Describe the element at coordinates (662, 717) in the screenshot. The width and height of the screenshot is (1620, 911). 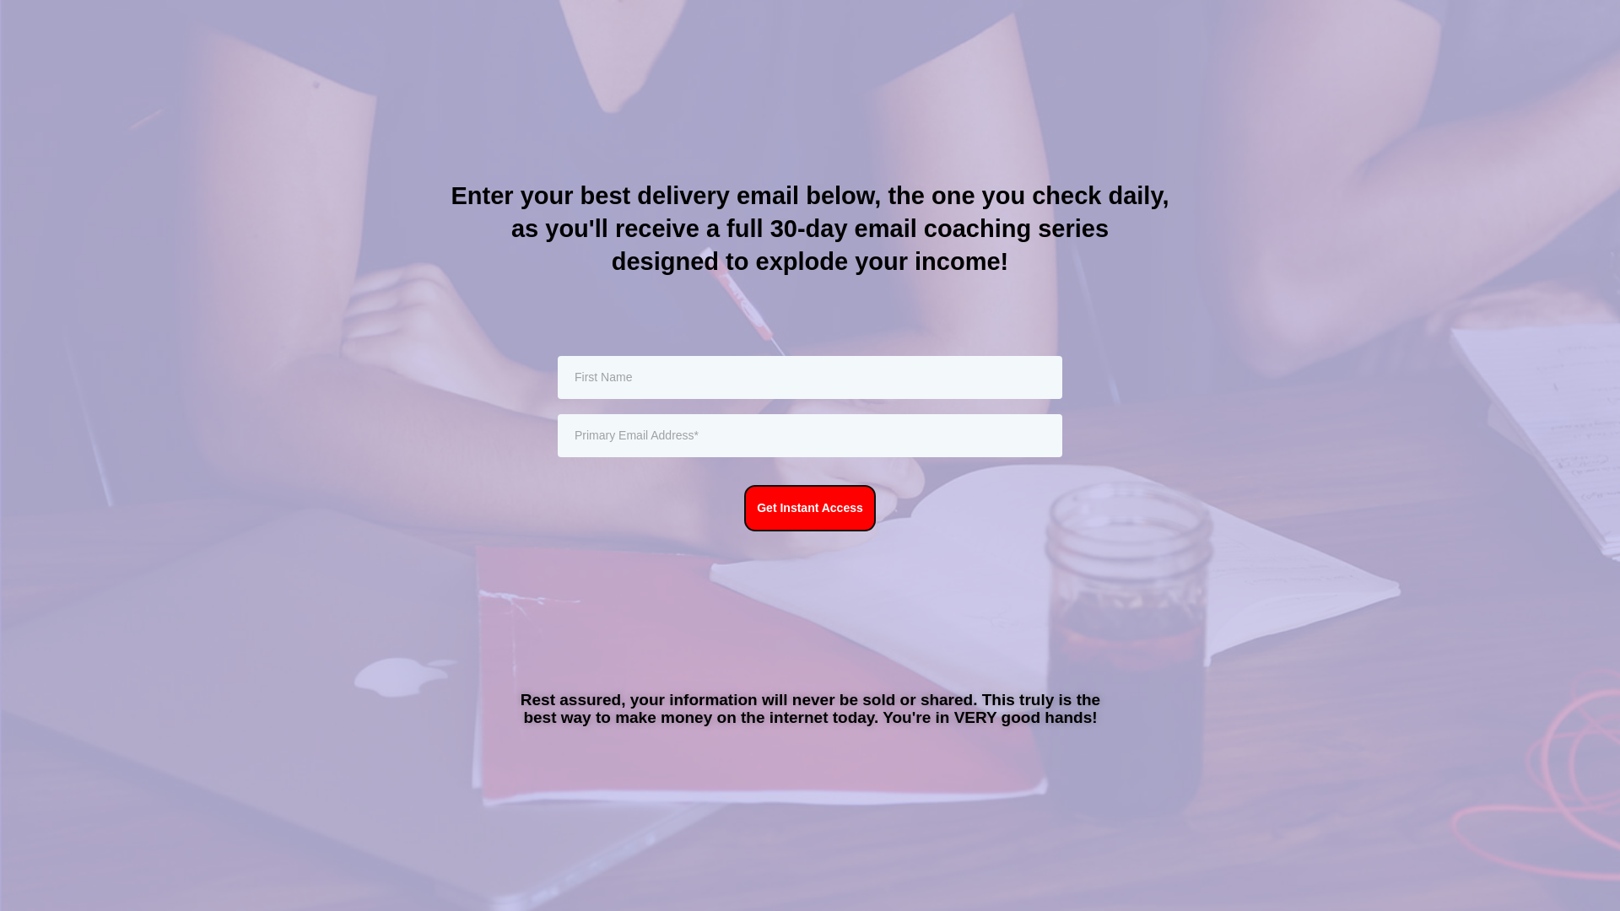
I see `'make money'` at that location.